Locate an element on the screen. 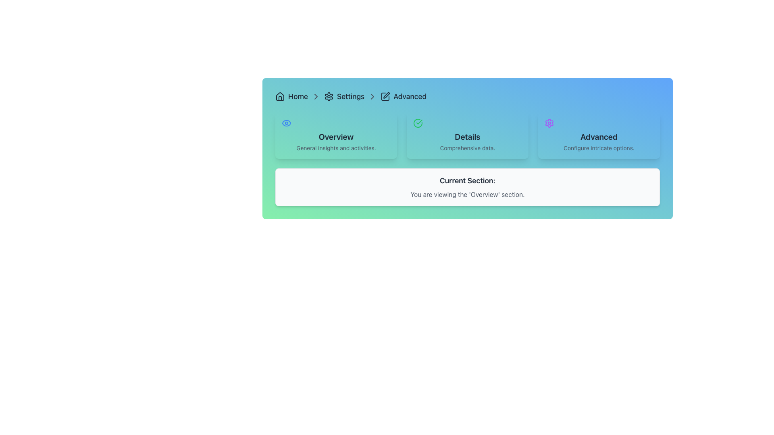 Image resolution: width=774 pixels, height=435 pixels. the 'Advanced' hyperlink in the breadcrumb navigation bar is located at coordinates (404, 96).